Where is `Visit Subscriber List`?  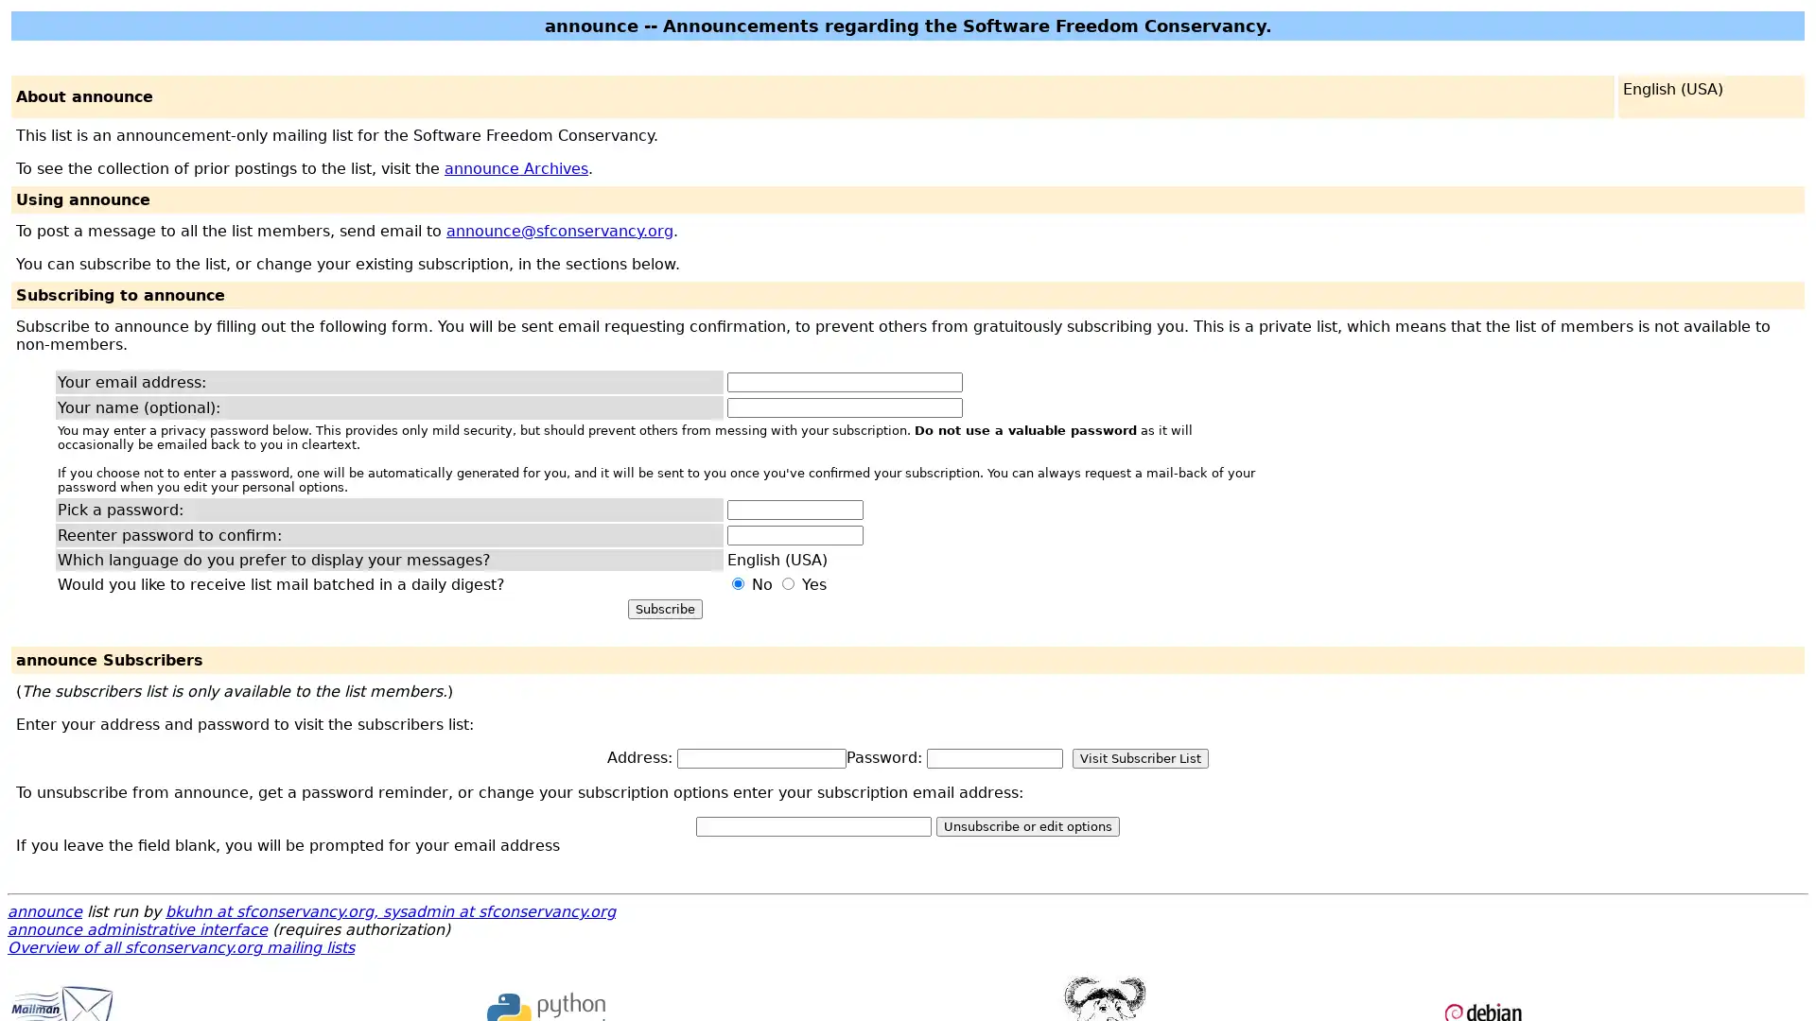
Visit Subscriber List is located at coordinates (1139, 757).